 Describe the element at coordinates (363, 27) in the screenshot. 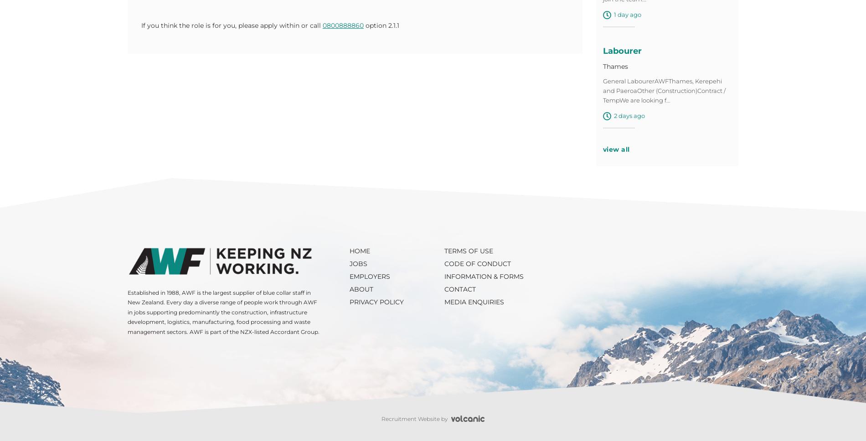

I see `'option 2.1.1'` at that location.